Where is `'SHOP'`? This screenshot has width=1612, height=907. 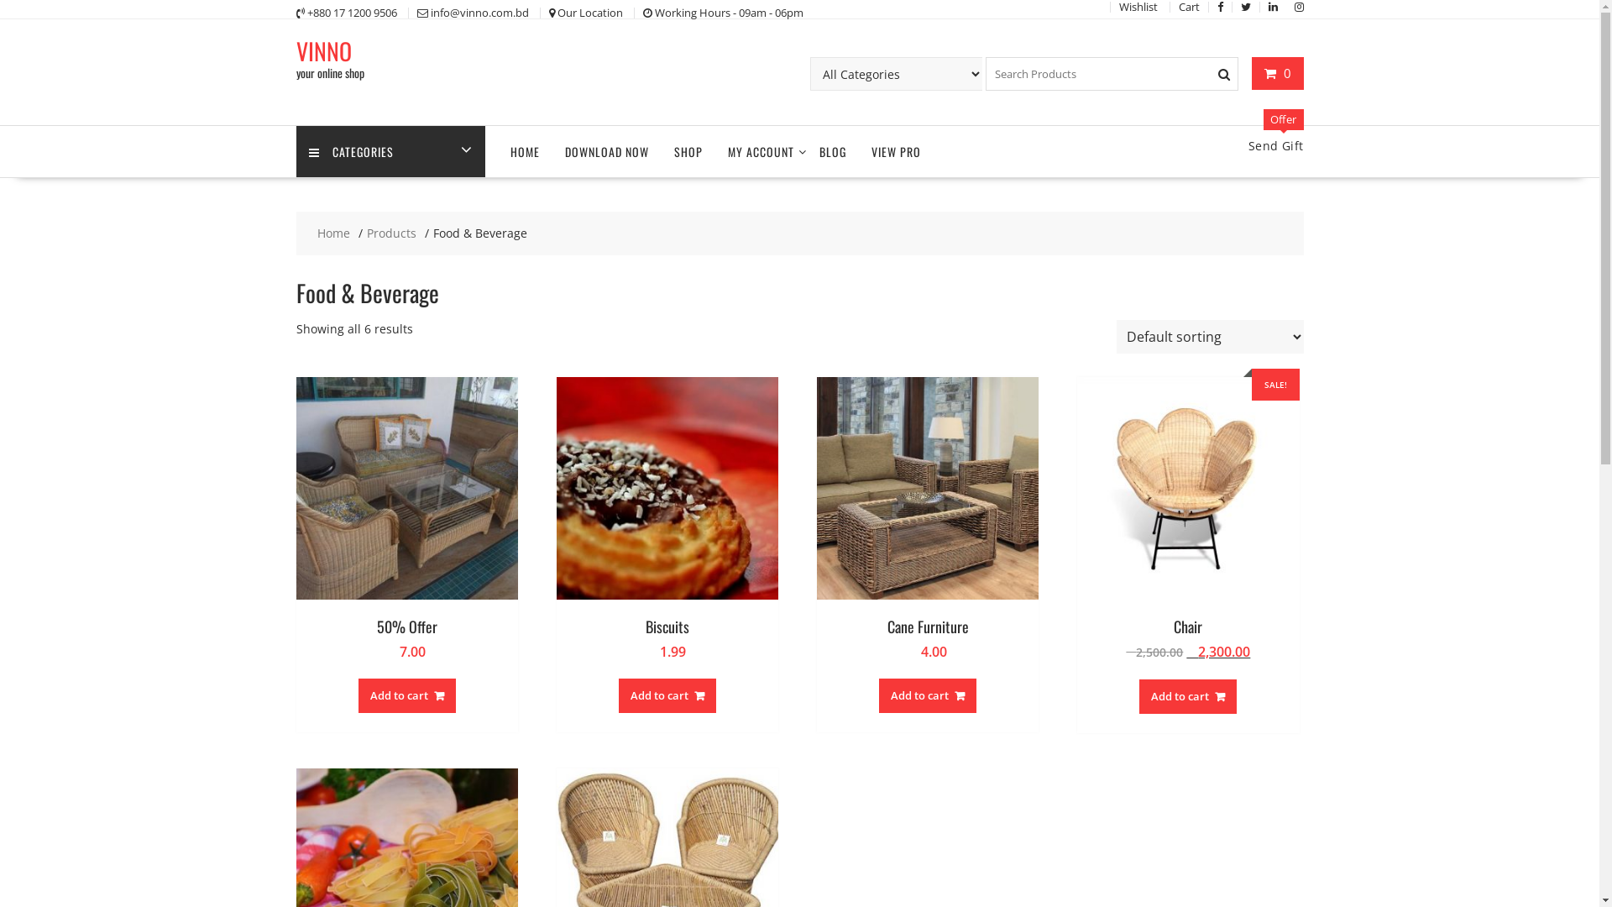 'SHOP' is located at coordinates (688, 151).